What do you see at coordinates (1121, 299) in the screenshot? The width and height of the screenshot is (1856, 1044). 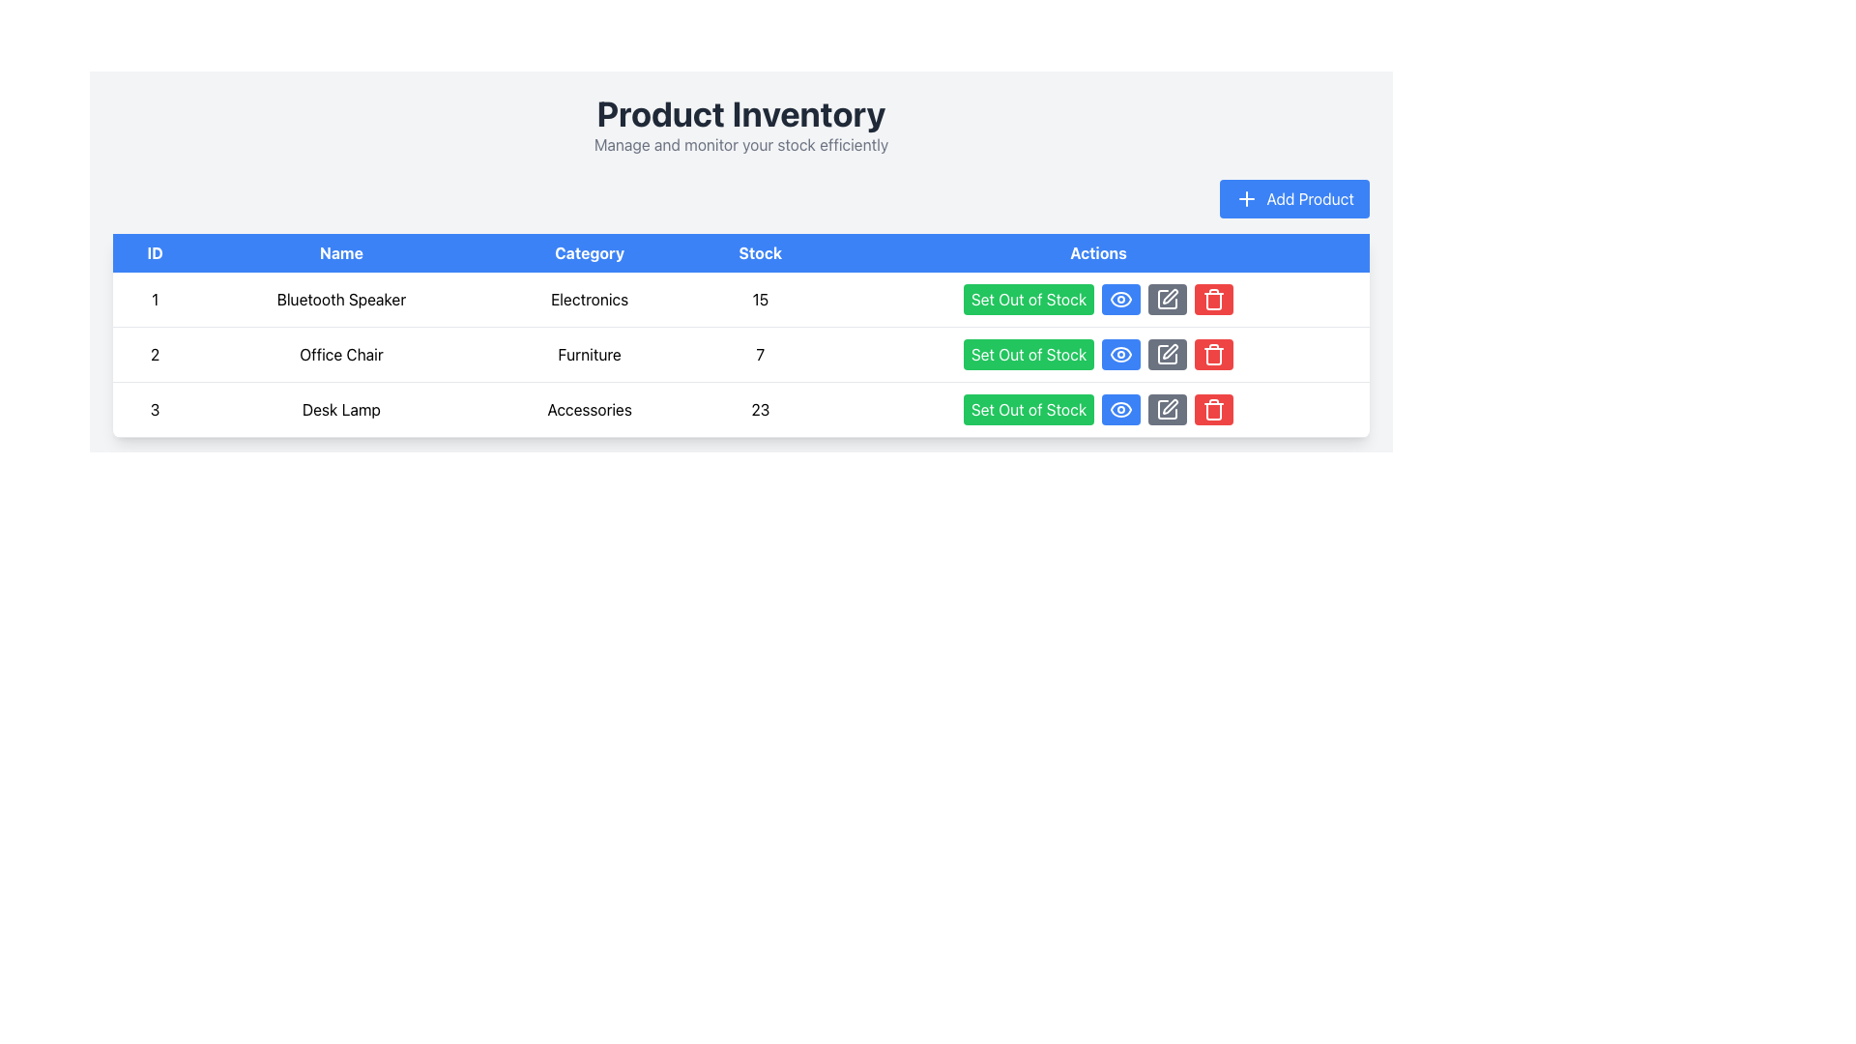 I see `the blue rectangular button with an eye icon in the 'Actions' column associated with the 'Bluetooth Speaker' item` at bounding box center [1121, 299].